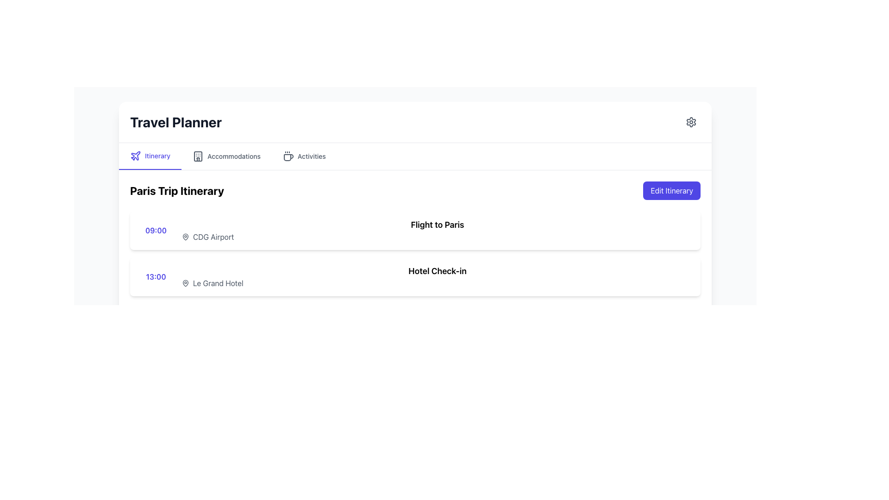  Describe the element at coordinates (185, 283) in the screenshot. I see `the icon indicating 'Le Grand Hotel', which is positioned in a horizontal row preceding the associated text` at that location.